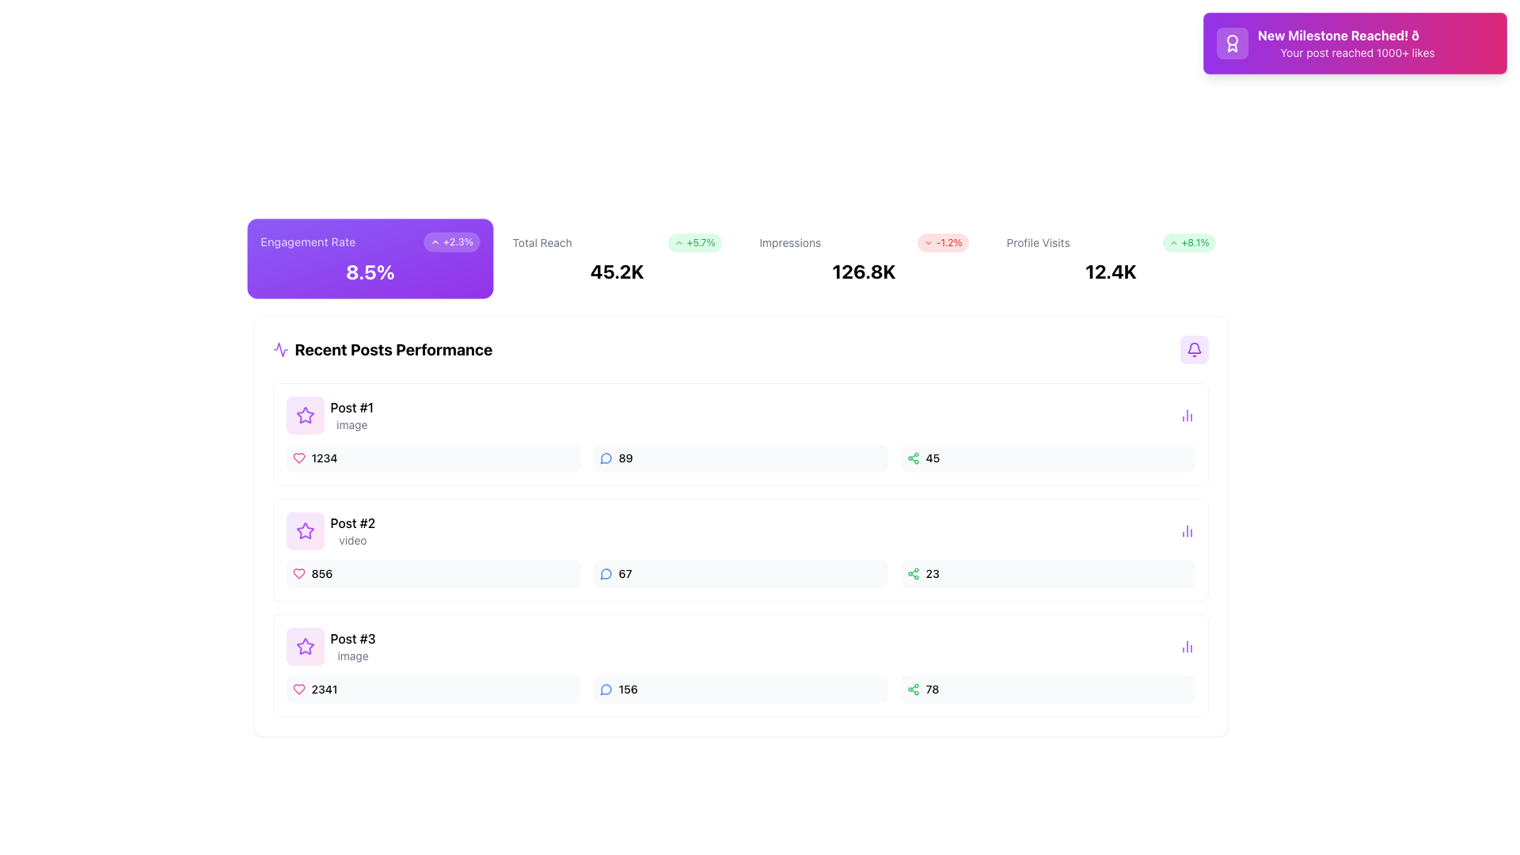 This screenshot has height=855, width=1520. I want to click on the Chevron Down icon located inside the rounded badge displaying '-1.2%' in red text, positioned to the right of the text within the performance metrics section in the 'Impressions' column, so click(928, 243).